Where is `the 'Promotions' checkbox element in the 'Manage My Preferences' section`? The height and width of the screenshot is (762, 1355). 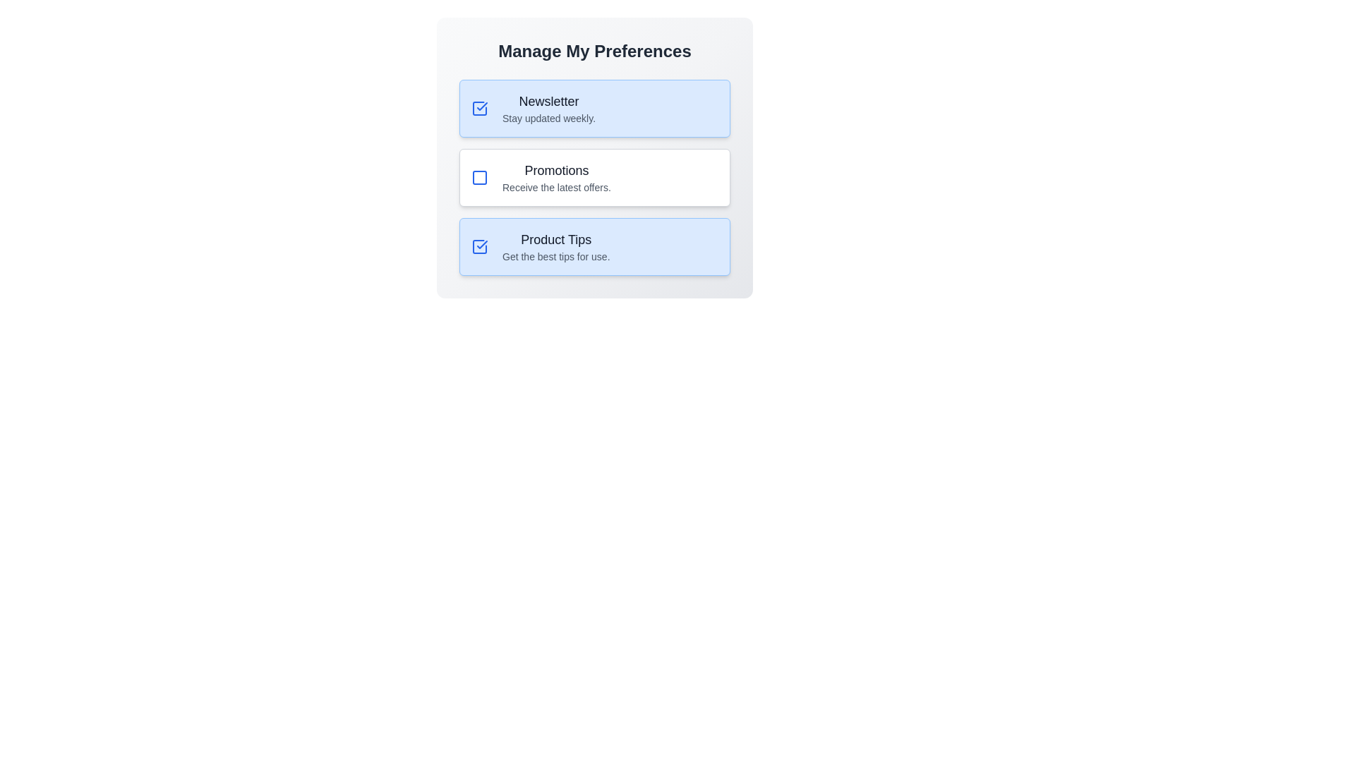 the 'Promotions' checkbox element in the 'Manage My Preferences' section is located at coordinates (595, 176).